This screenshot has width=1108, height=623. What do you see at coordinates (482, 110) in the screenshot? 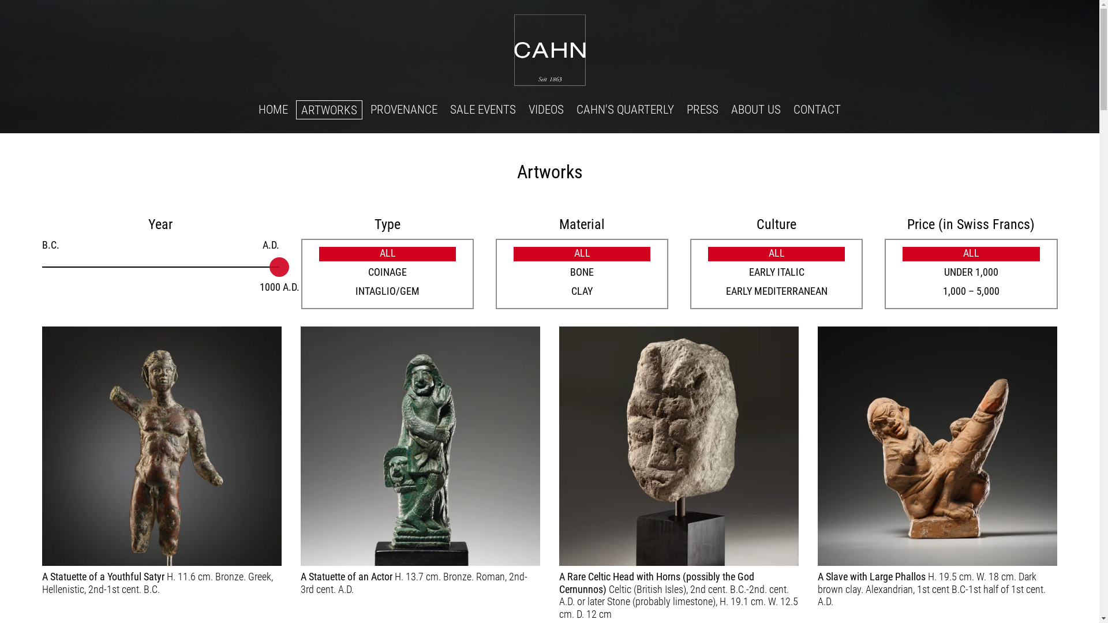
I see `'SALE EVENTS'` at bounding box center [482, 110].